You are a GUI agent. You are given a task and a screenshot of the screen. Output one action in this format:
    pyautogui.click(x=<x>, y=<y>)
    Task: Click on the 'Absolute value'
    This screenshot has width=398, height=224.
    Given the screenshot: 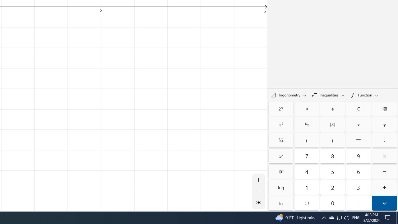 What is the action you would take?
    pyautogui.click(x=332, y=124)
    